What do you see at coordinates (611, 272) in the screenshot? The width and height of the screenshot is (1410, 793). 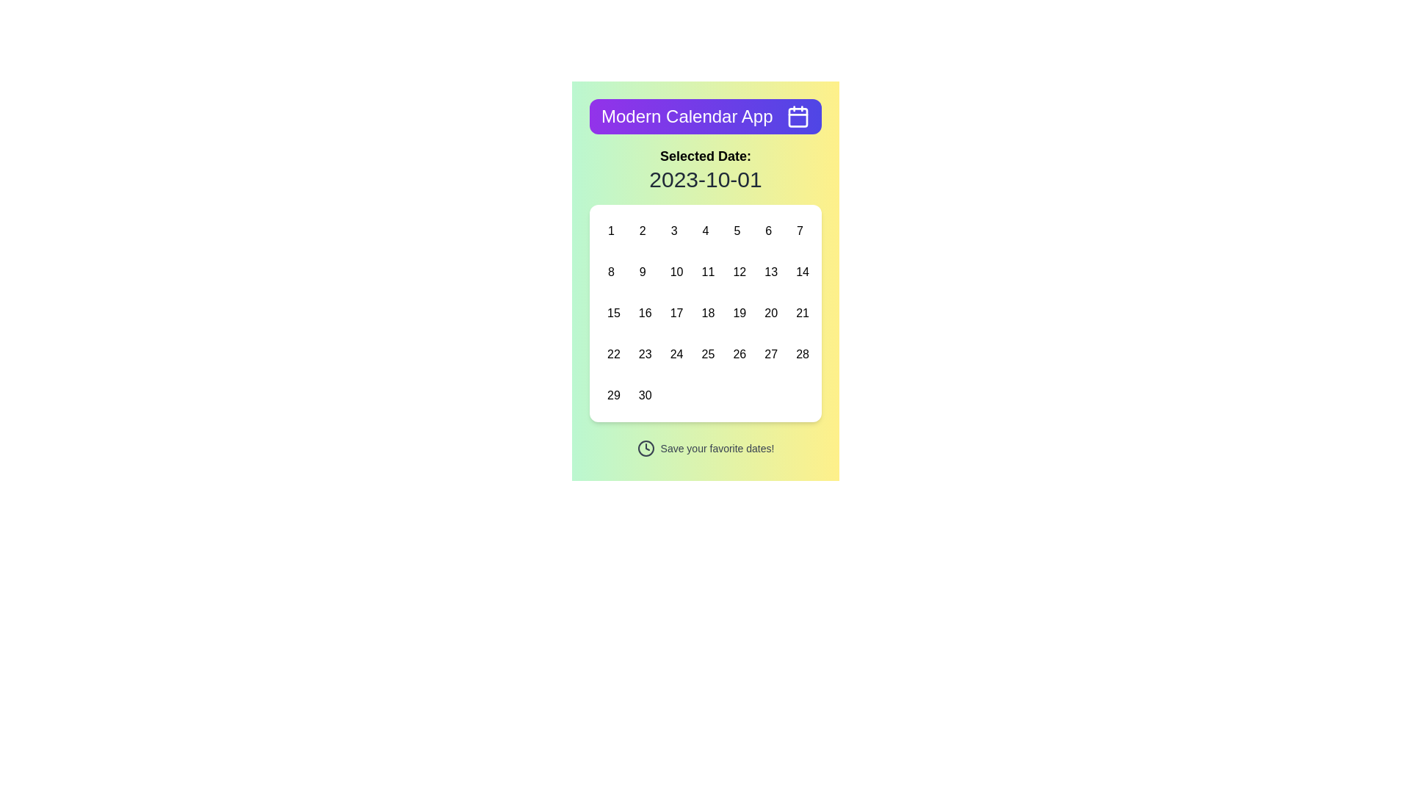 I see `the button for selecting or interacting with the date '8' in the calendar interface, located in the second row and first column of the grid layout, under the header 'Modern Calendar App'` at bounding box center [611, 272].